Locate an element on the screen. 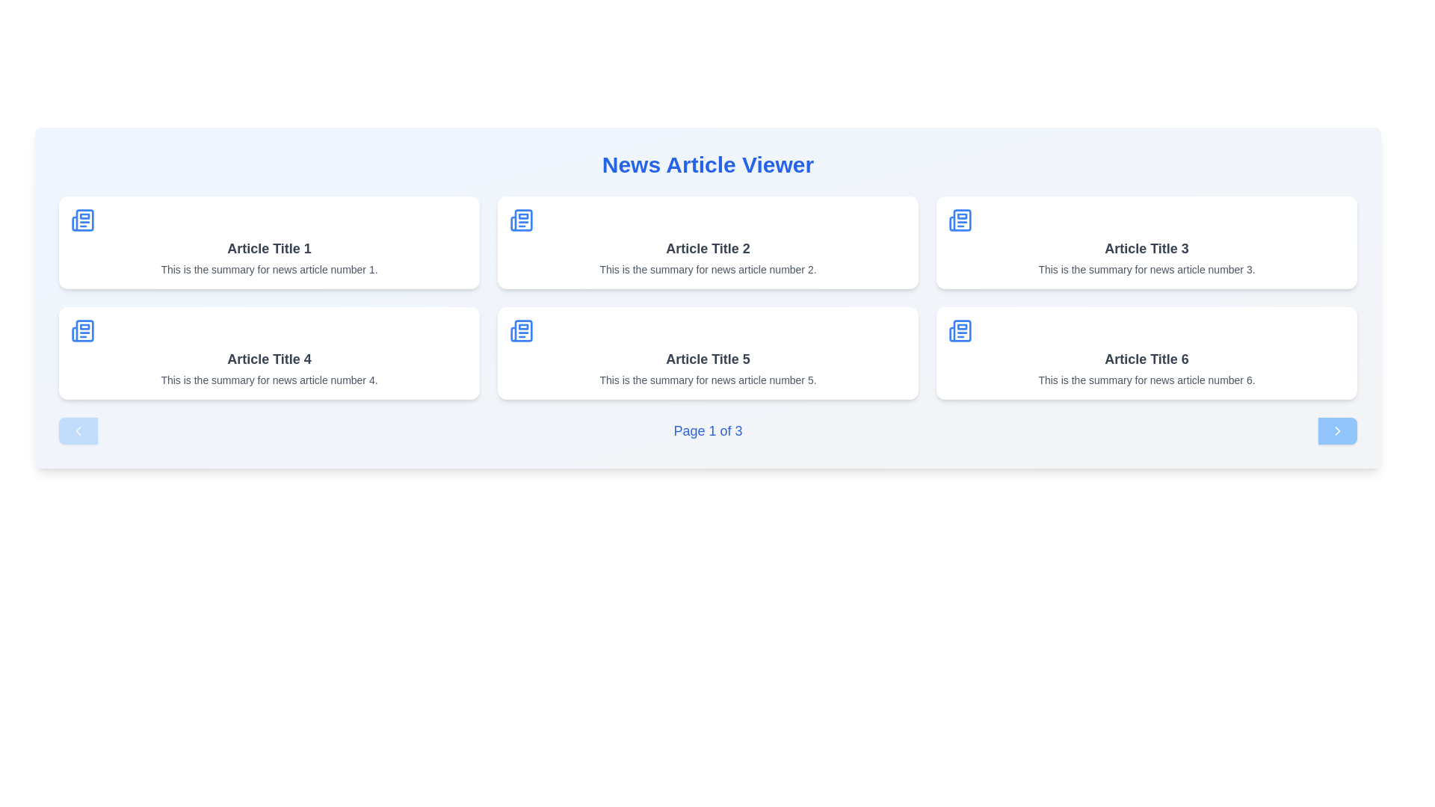 Image resolution: width=1435 pixels, height=807 pixels. the blue pictogram icon representing a newspaper associated with the article titled 'Article Title 2' is located at coordinates (521, 220).